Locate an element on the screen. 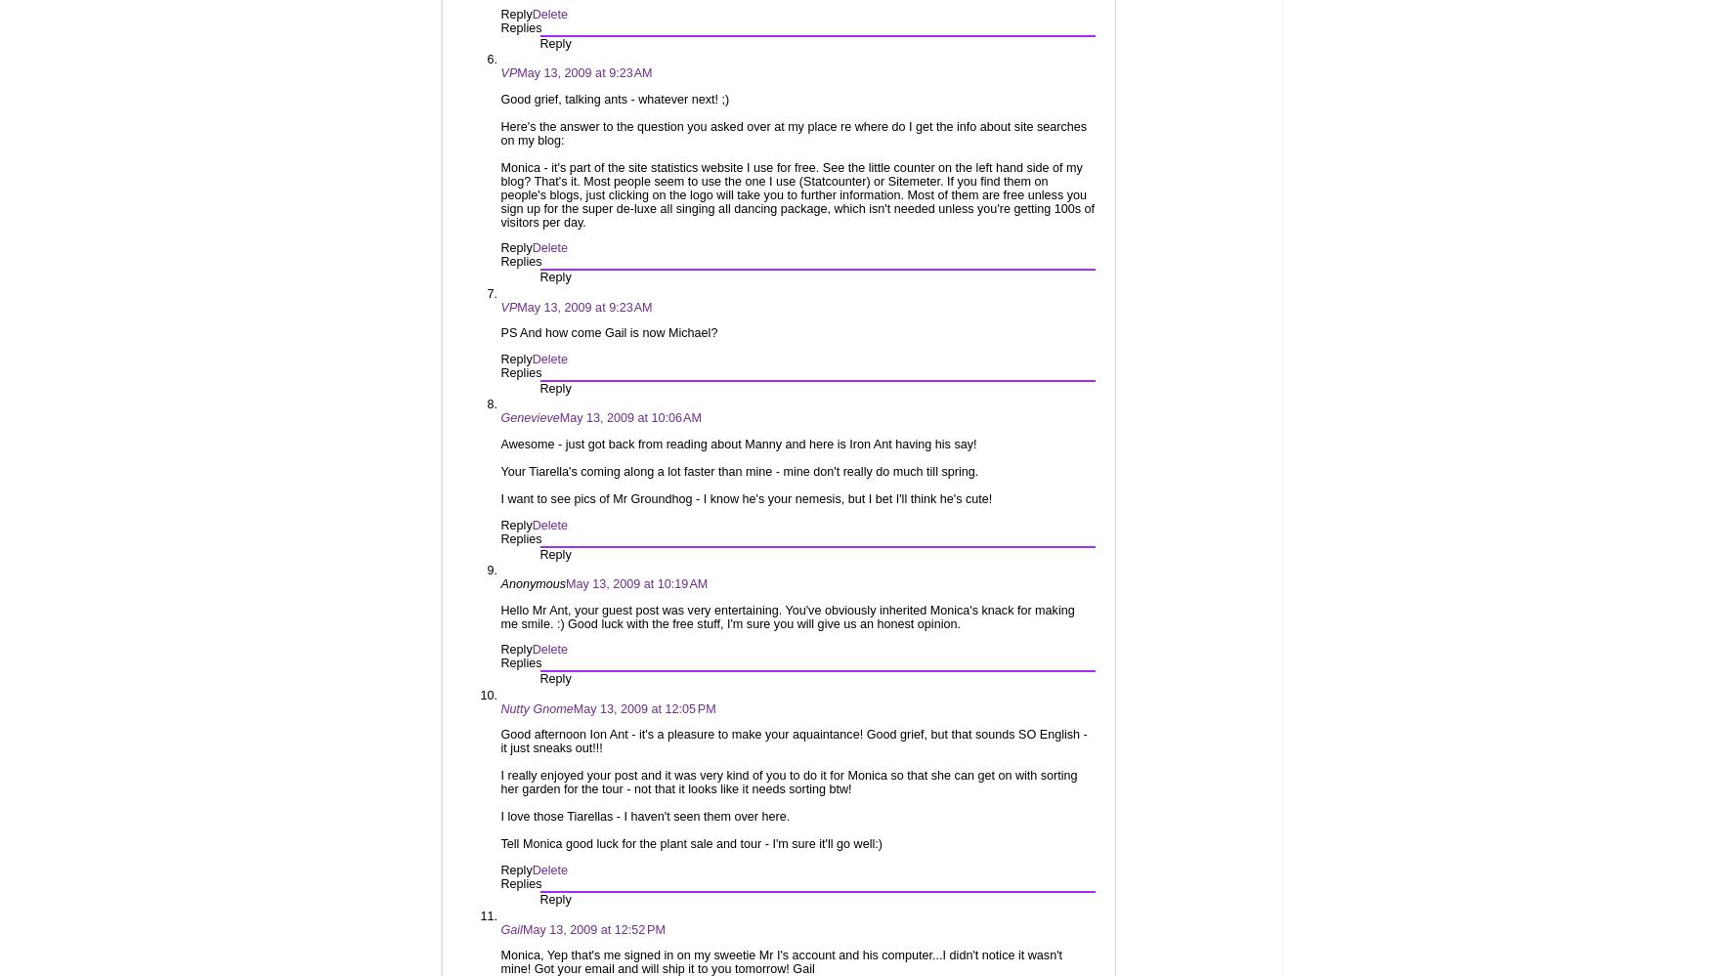  'Your Tiarella's coming along a lot faster than mine - mine don't really do much till spring.' is located at coordinates (739, 472).